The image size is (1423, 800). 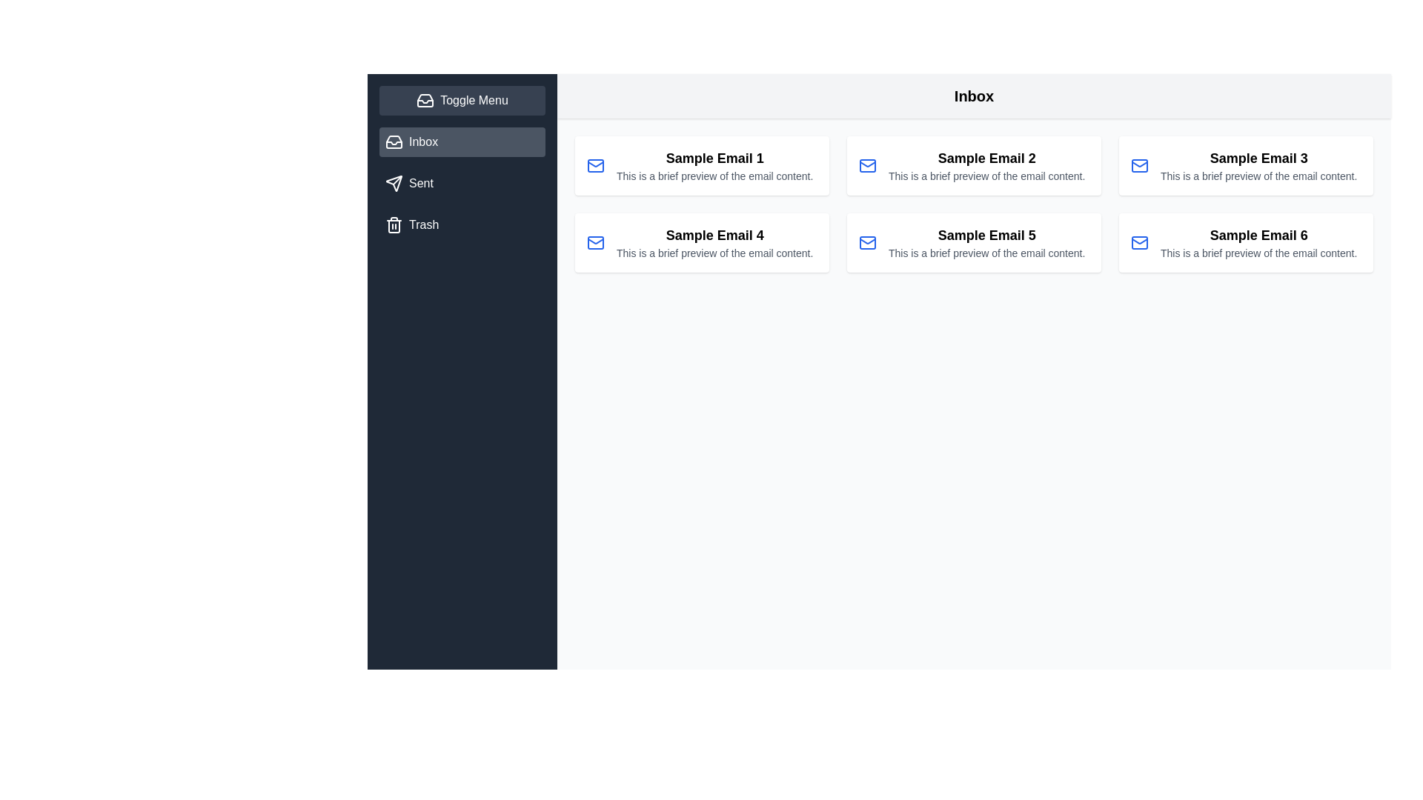 I want to click on the envelope icon representing the email in the 'Sample Email 3' card located in the second row and first column of the email list section, so click(x=1138, y=165).